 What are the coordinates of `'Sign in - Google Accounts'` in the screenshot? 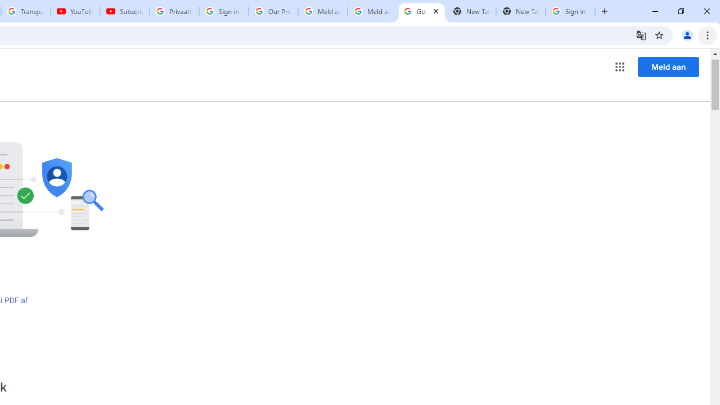 It's located at (224, 11).